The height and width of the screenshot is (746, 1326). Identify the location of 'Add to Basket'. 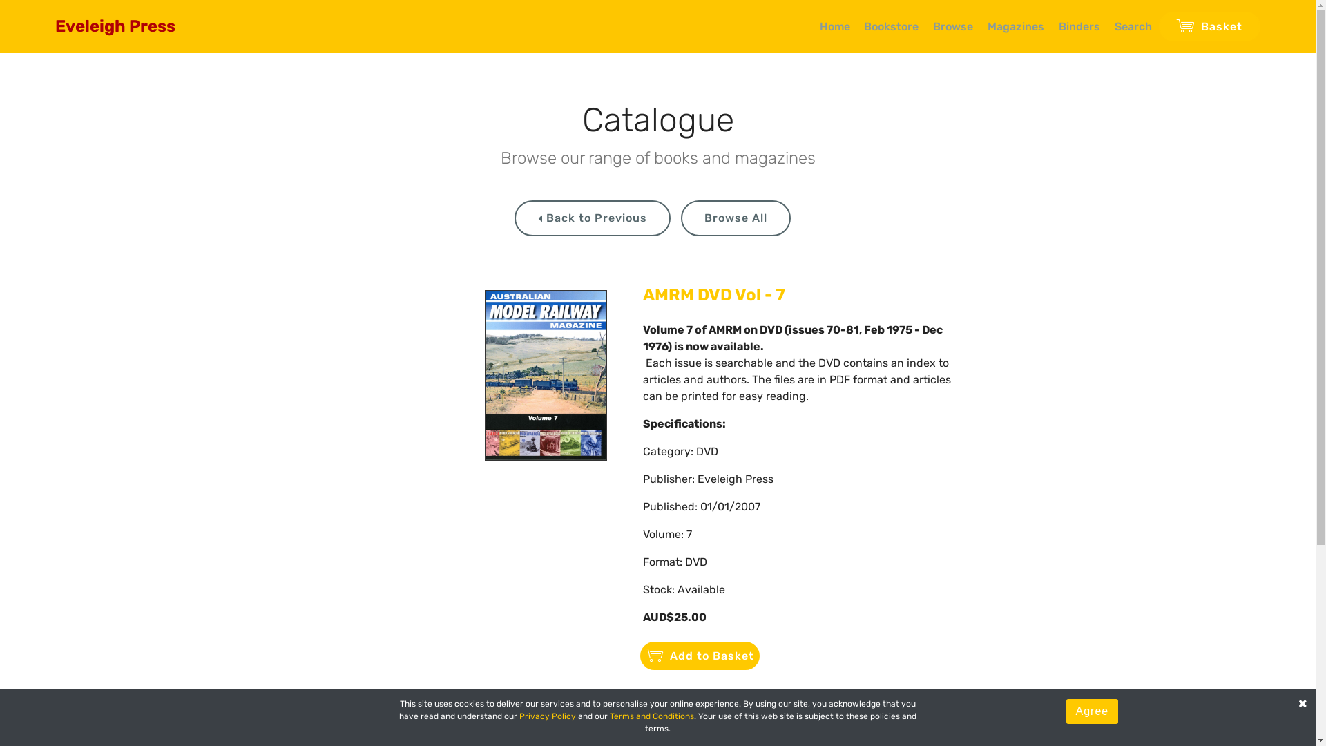
(639, 655).